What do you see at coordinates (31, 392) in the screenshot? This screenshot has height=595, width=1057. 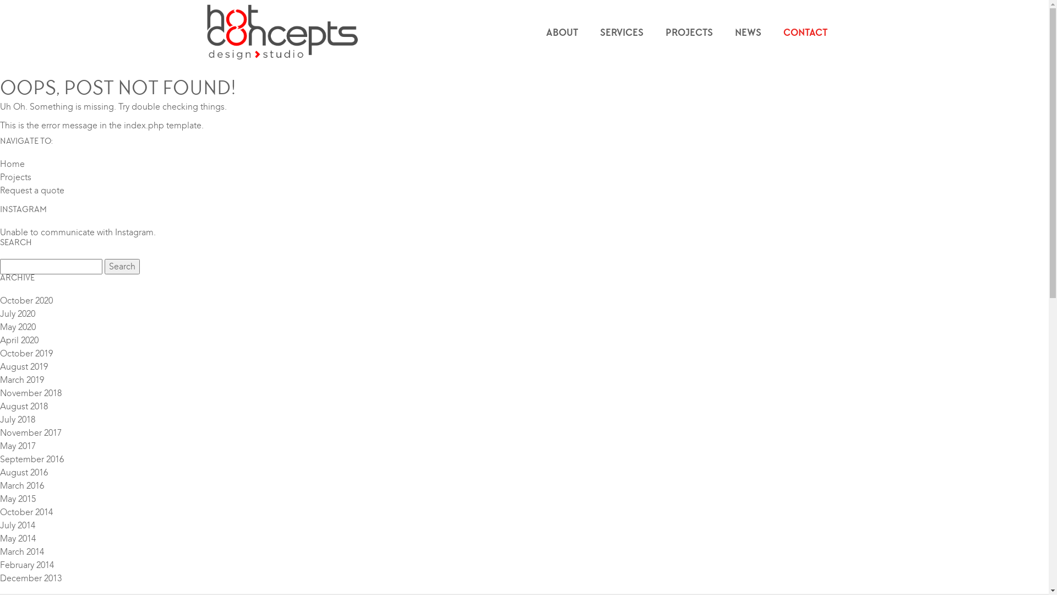 I see `'November 2018'` at bounding box center [31, 392].